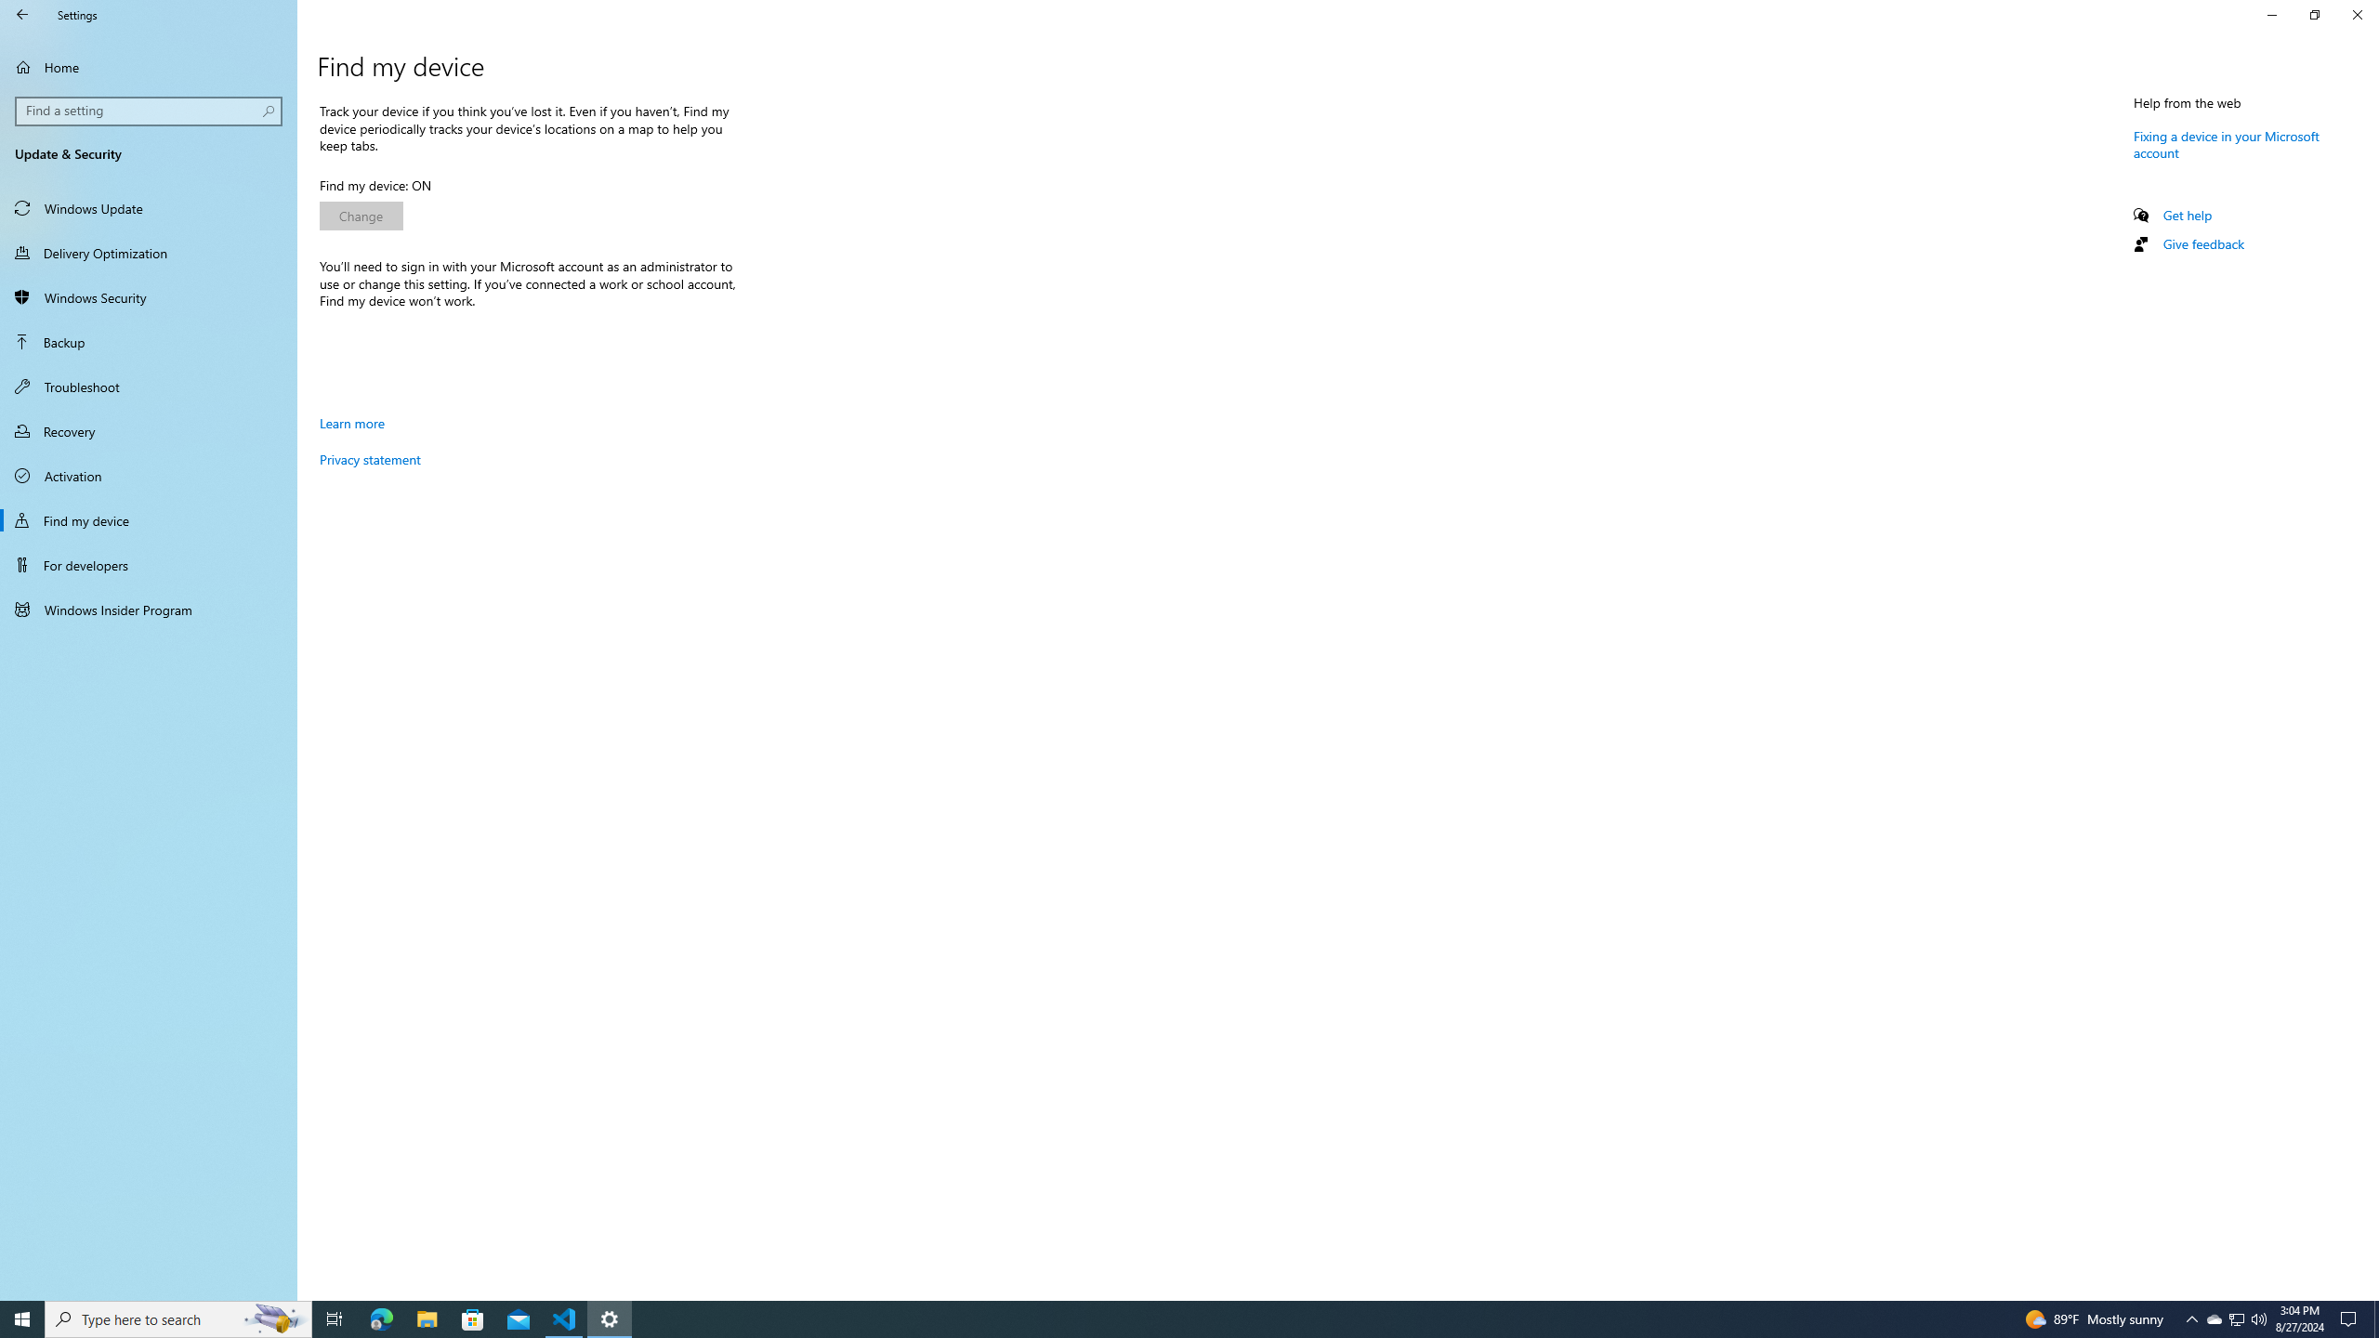 This screenshot has height=1338, width=2379. What do you see at coordinates (148, 206) in the screenshot?
I see `'Windows Update'` at bounding box center [148, 206].